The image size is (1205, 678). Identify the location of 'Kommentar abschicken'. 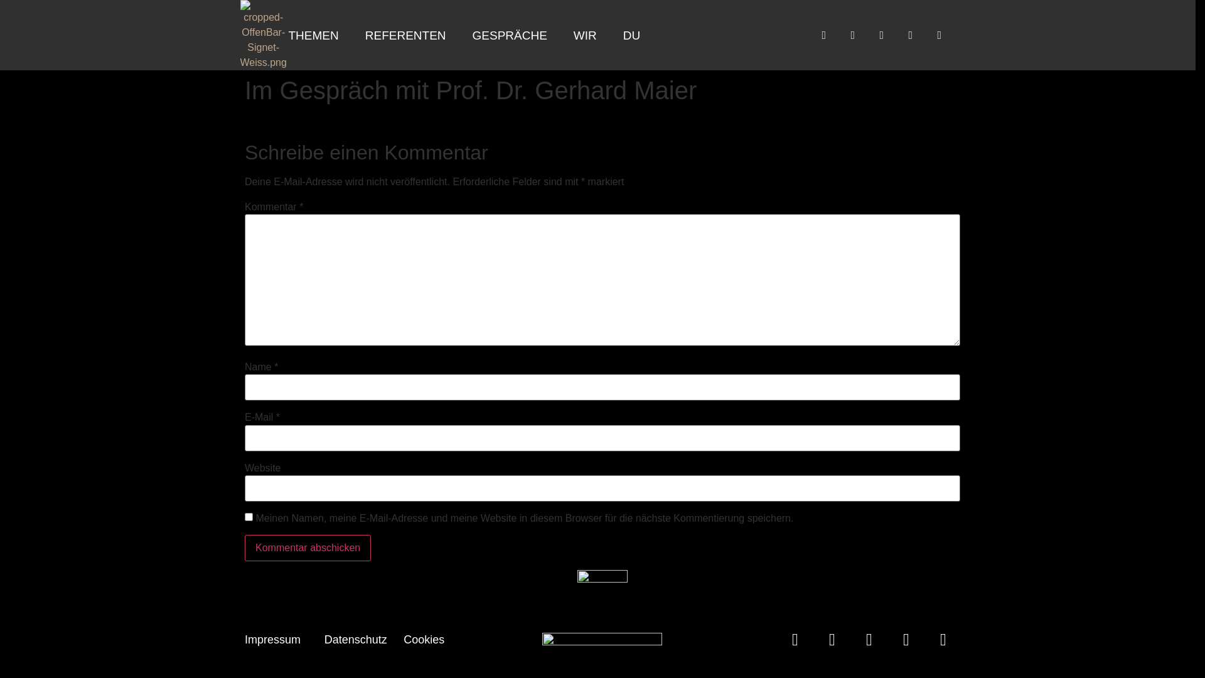
(308, 547).